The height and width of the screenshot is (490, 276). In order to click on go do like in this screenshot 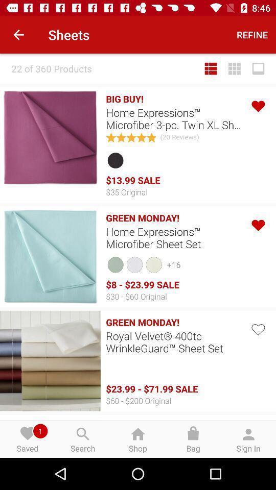, I will do `click(257, 224)`.